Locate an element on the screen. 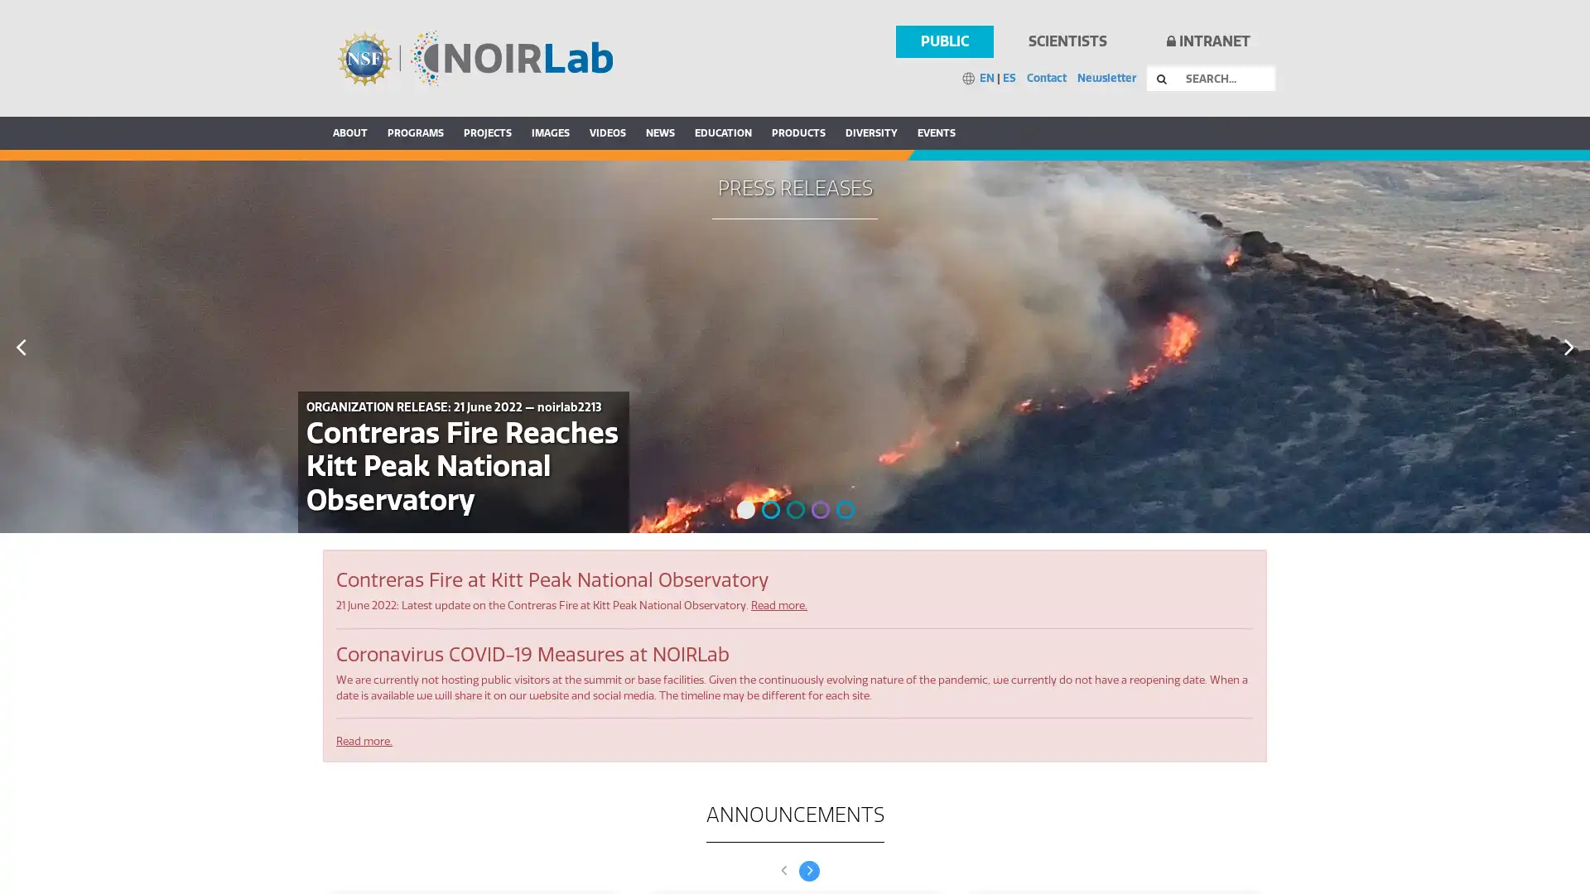 This screenshot has width=1590, height=894. 2 is located at coordinates (770, 509).